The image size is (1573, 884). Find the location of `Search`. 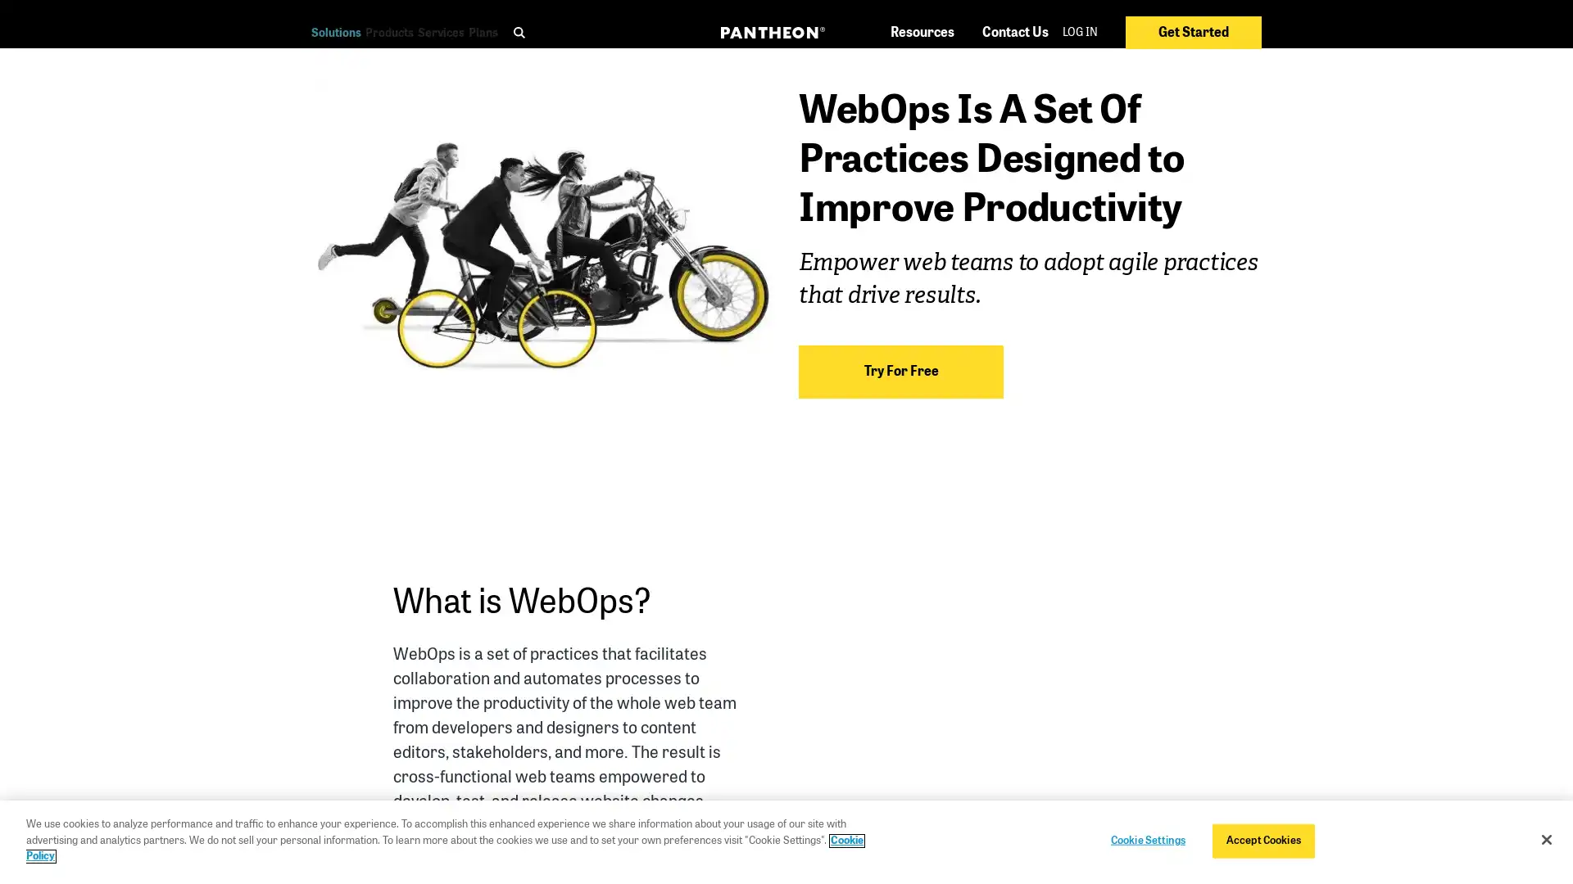

Search is located at coordinates (891, 62).